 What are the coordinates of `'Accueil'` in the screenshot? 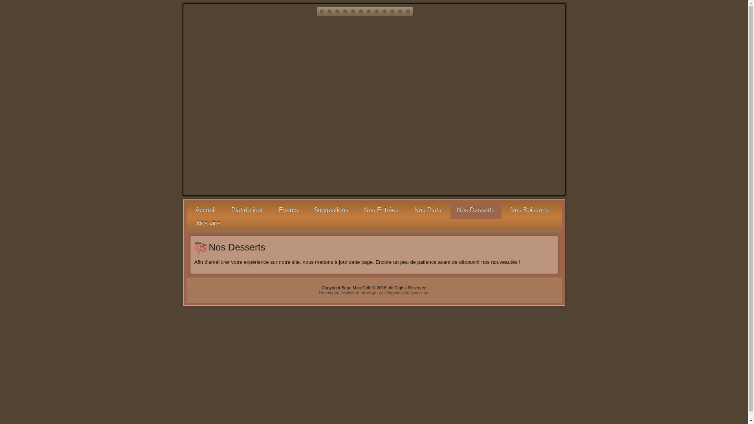 It's located at (205, 210).